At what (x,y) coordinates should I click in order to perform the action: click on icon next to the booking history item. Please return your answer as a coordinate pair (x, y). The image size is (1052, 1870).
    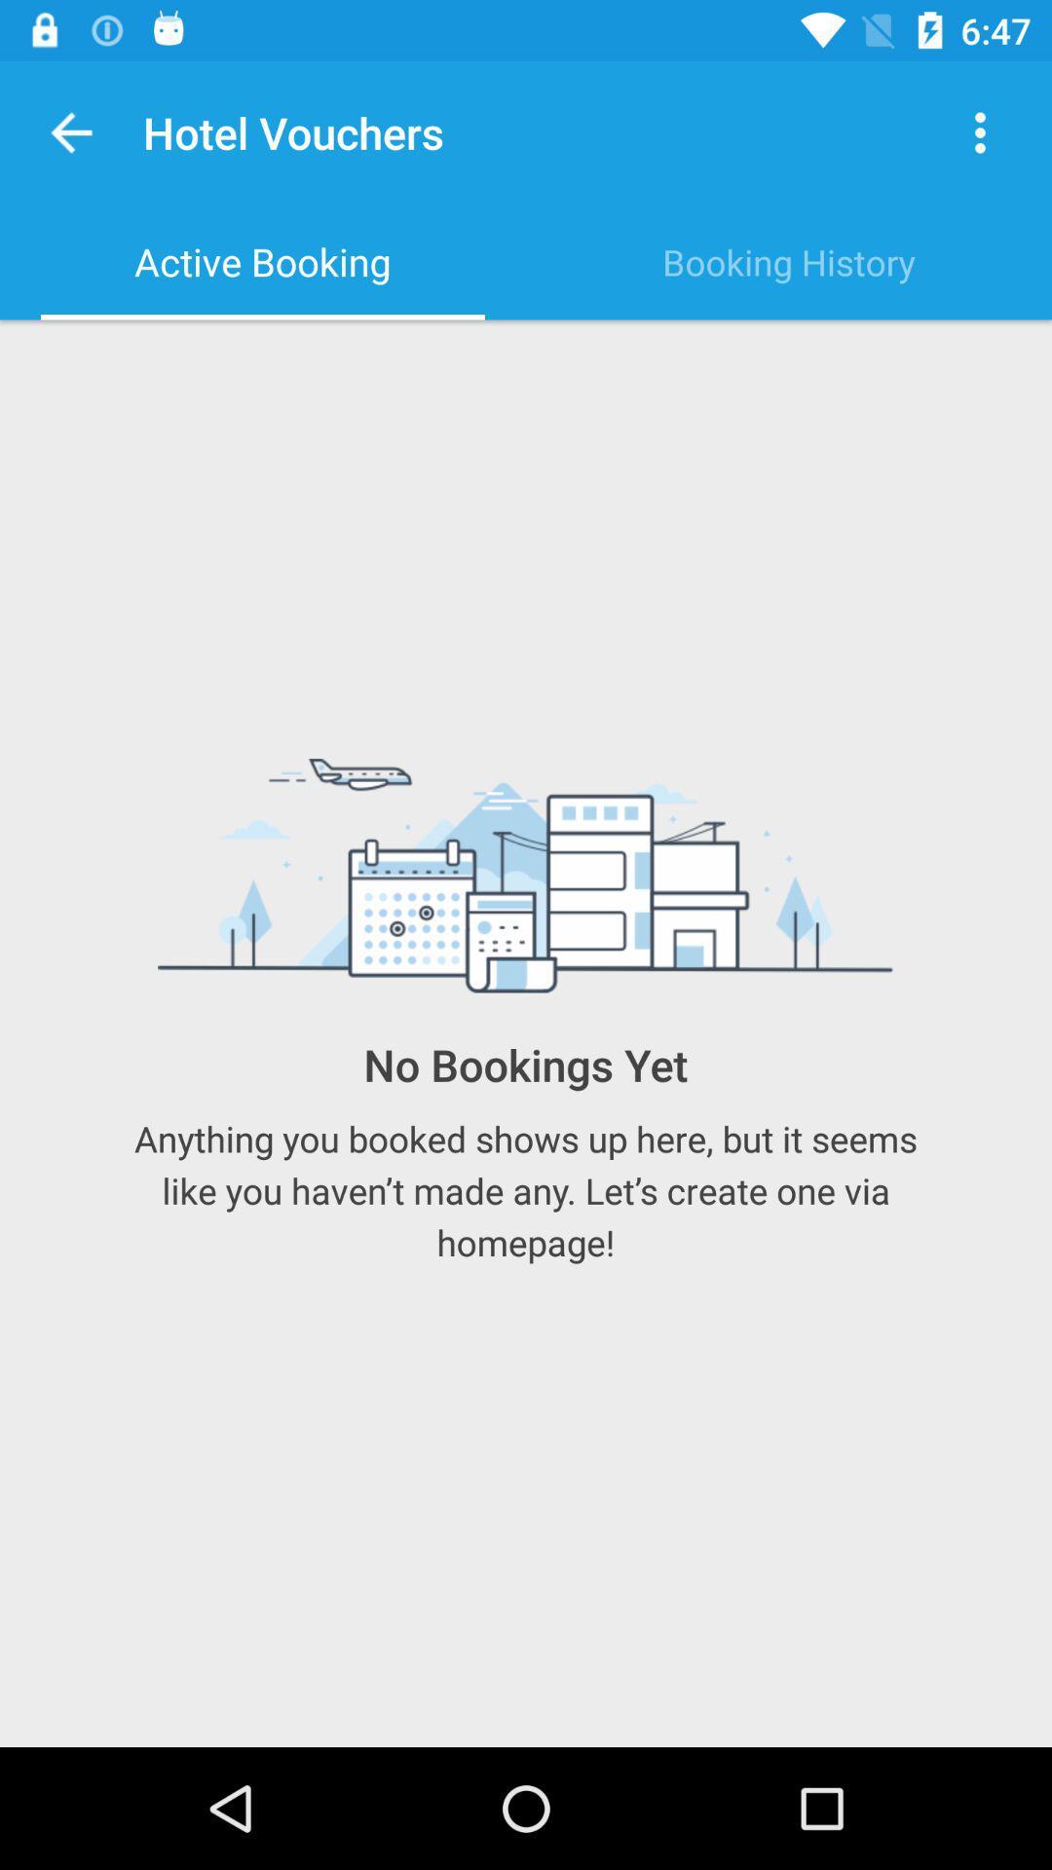
    Looking at the image, I should click on (263, 261).